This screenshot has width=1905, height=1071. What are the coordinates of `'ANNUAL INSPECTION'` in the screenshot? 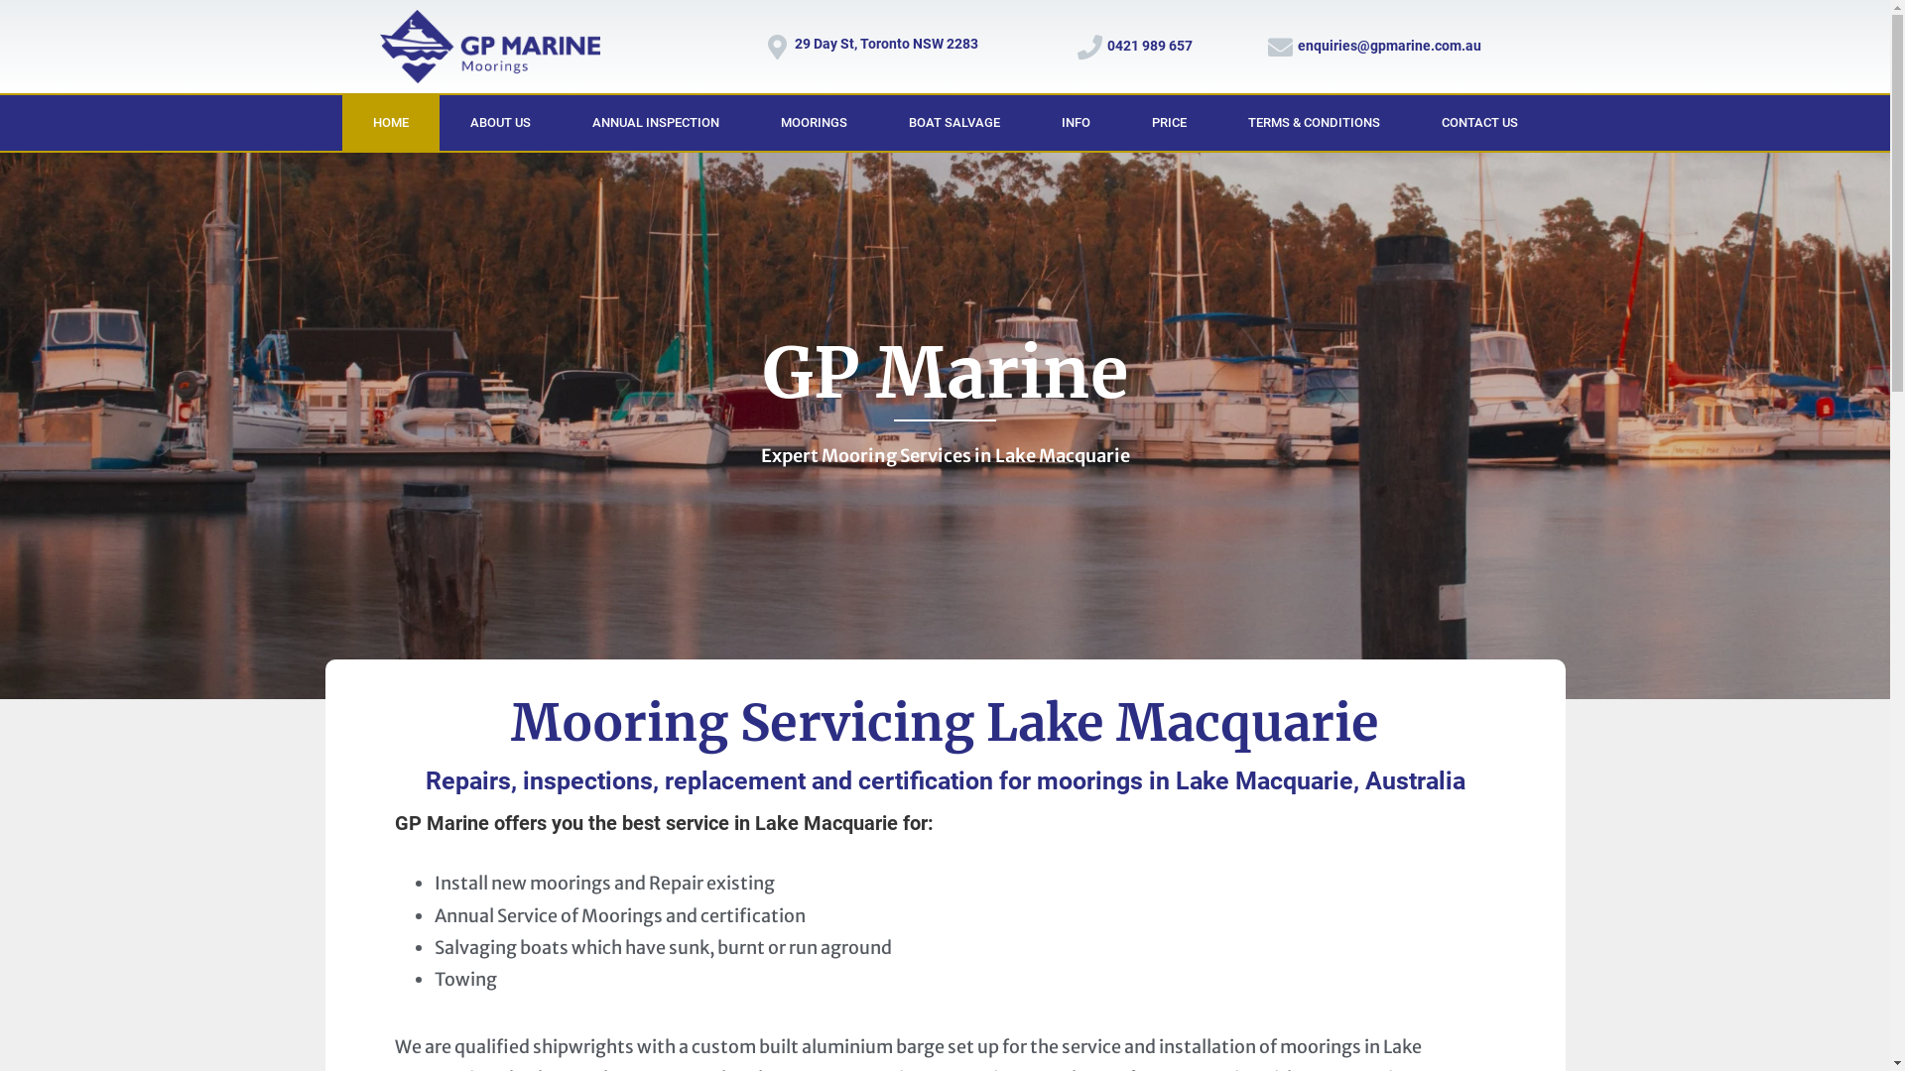 It's located at (656, 122).